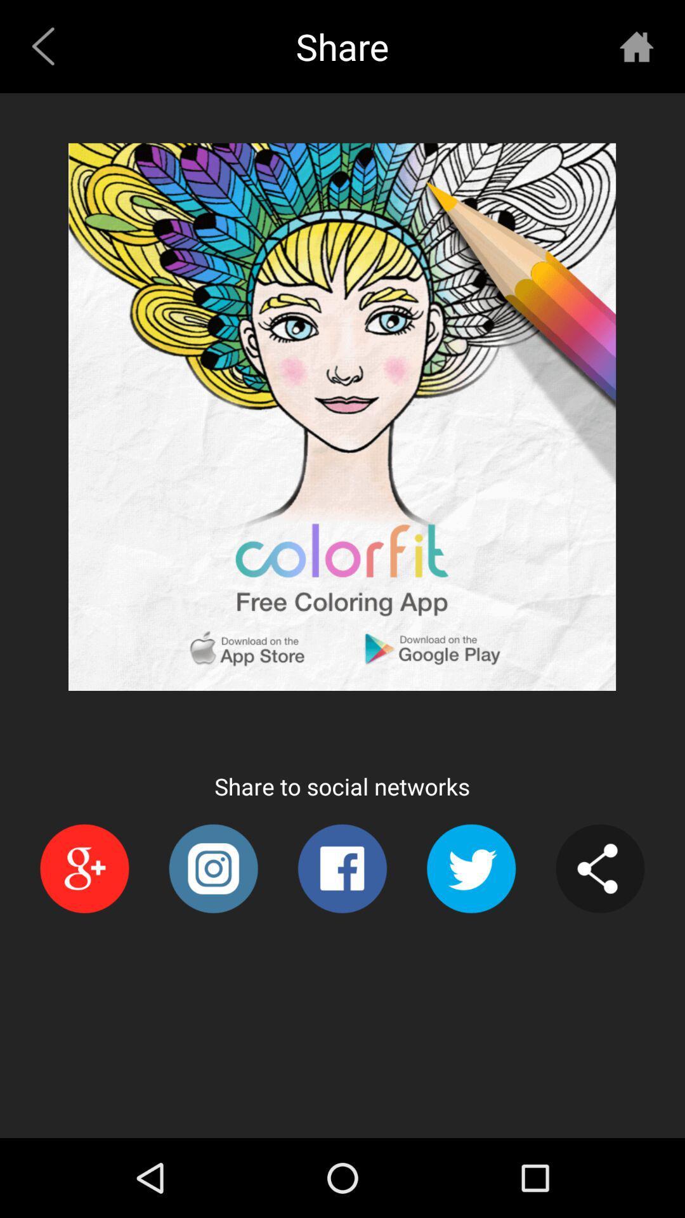 The image size is (685, 1218). What do you see at coordinates (84, 868) in the screenshot?
I see `google app` at bounding box center [84, 868].